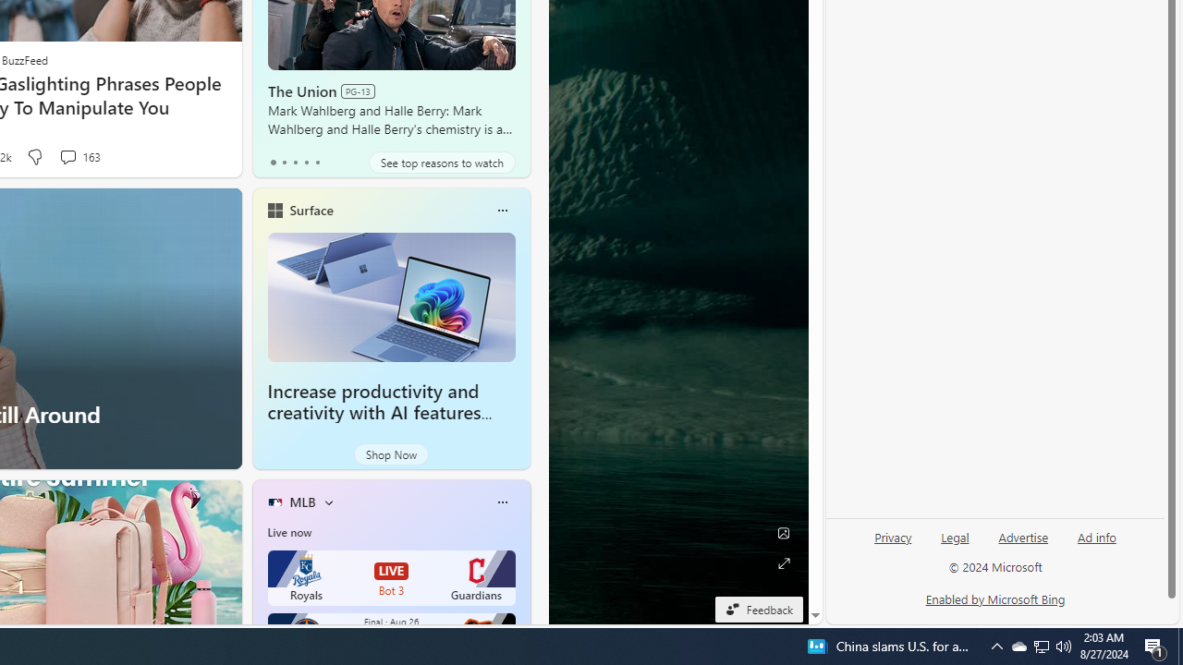 Image resolution: width=1183 pixels, height=665 pixels. I want to click on 'More interests', so click(328, 502).